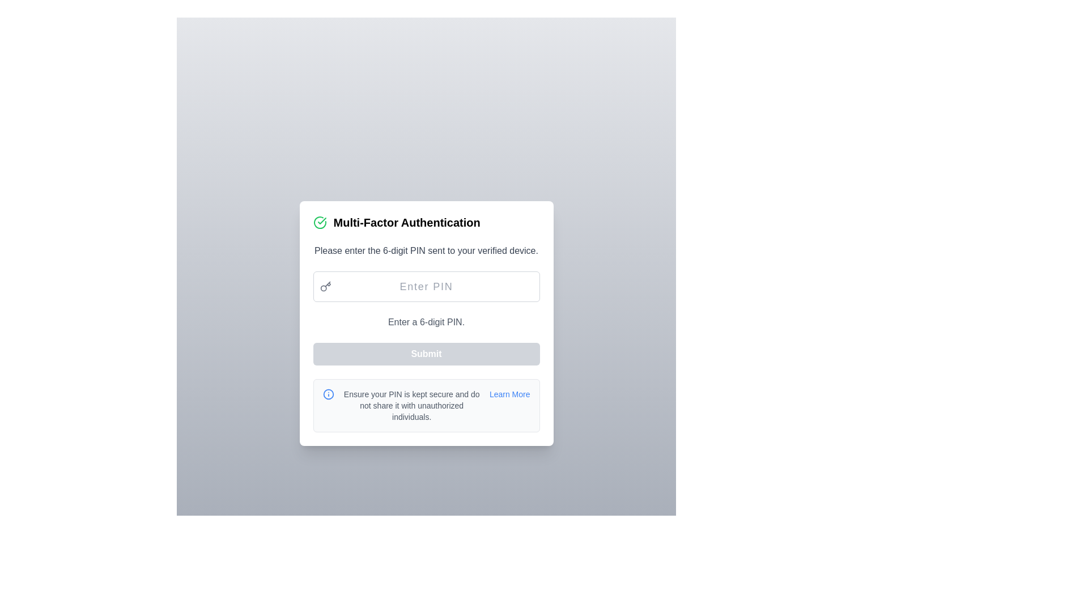 The image size is (1088, 612). I want to click on the Checkmark Icon located in the top-right section of the modal dialogue box, which indicates successful completion or correctness, so click(321, 220).